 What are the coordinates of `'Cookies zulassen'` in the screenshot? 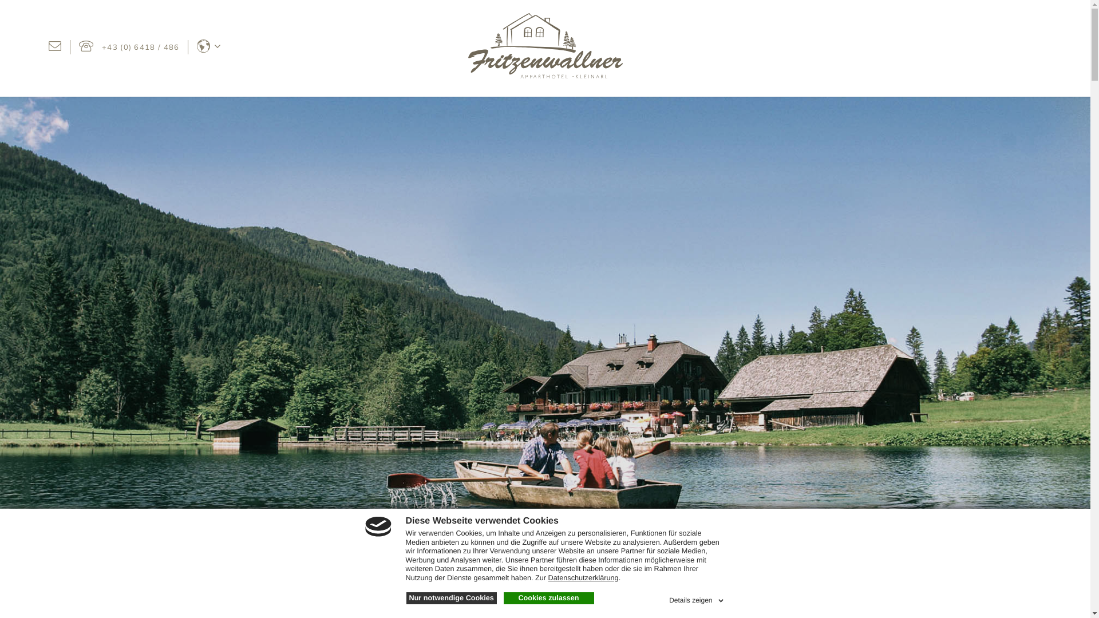 It's located at (503, 597).